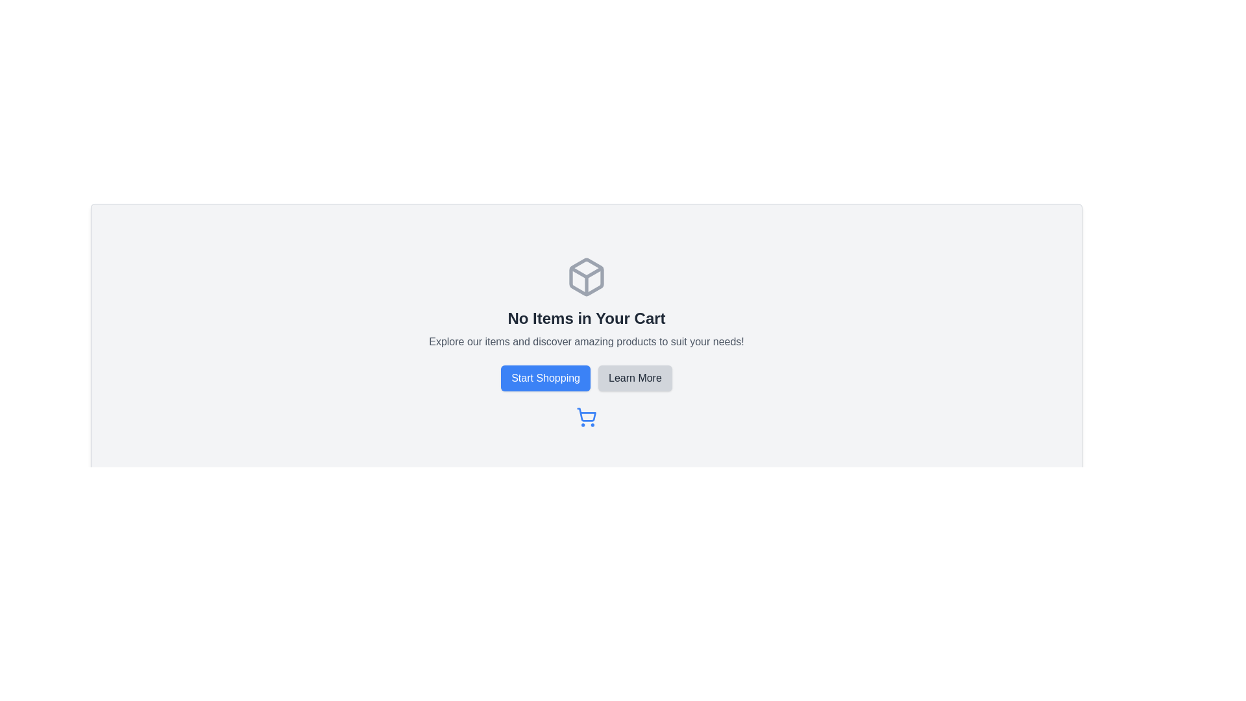  What do you see at coordinates (585, 318) in the screenshot?
I see `the static text element that informs the user their shopping cart is empty, which is centrally placed below the box icon` at bounding box center [585, 318].